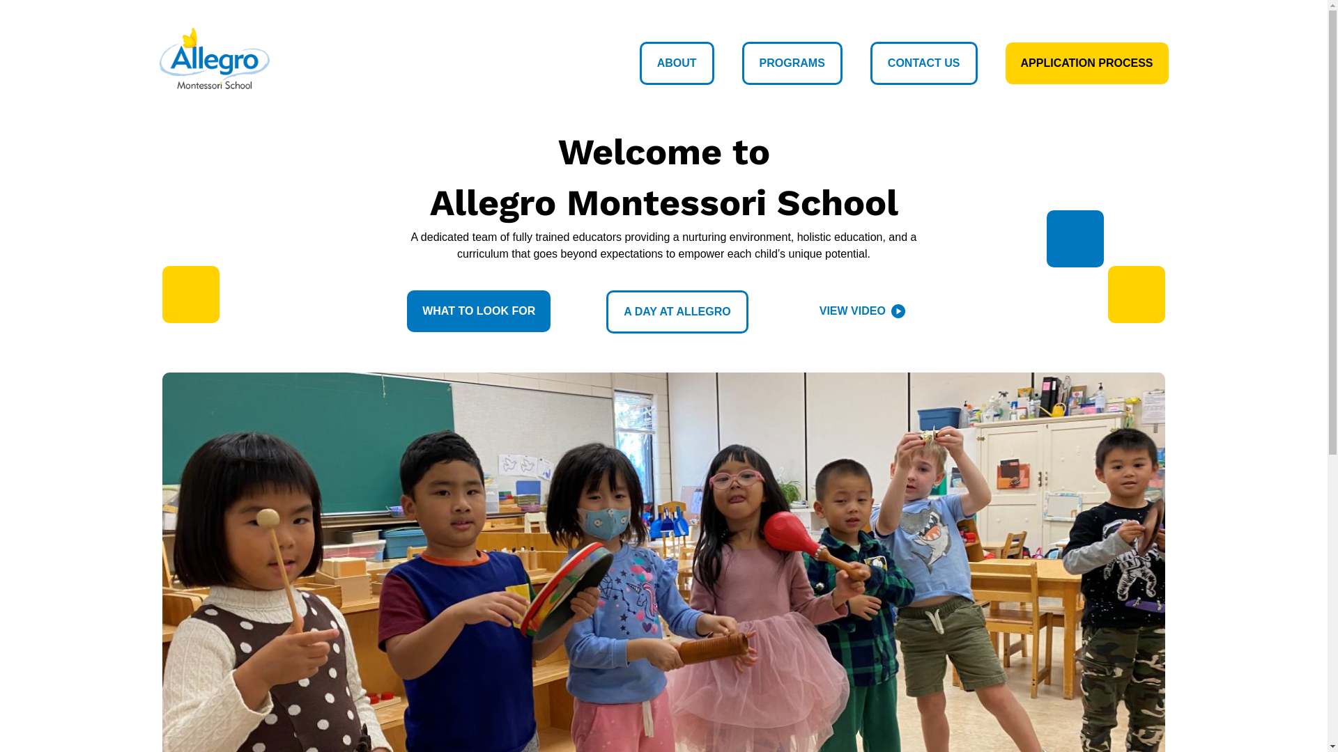 Image resolution: width=1338 pixels, height=752 pixels. Describe the element at coordinates (677, 63) in the screenshot. I see `'ABOUT'` at that location.